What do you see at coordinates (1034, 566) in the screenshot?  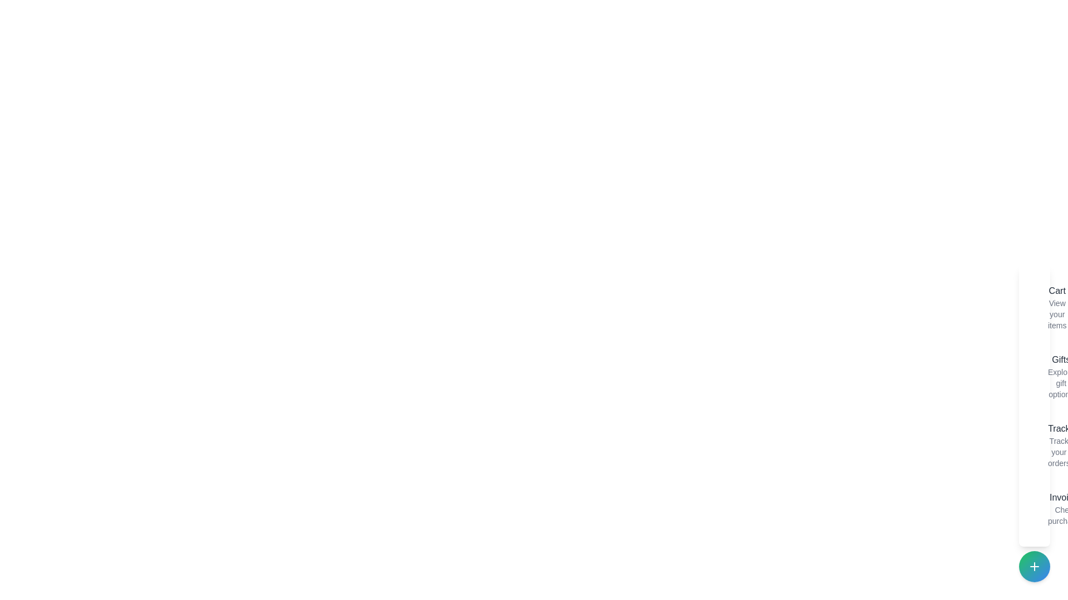 I see `the speed dial button to toggle the menu` at bounding box center [1034, 566].